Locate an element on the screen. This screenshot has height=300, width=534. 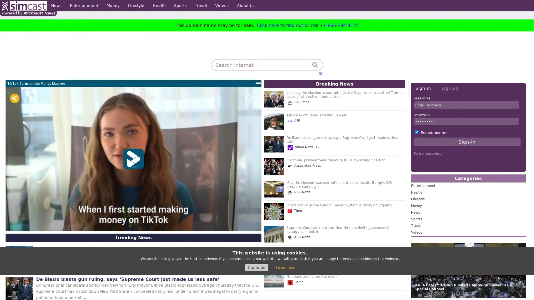
Sign-in is located at coordinates (467, 141).